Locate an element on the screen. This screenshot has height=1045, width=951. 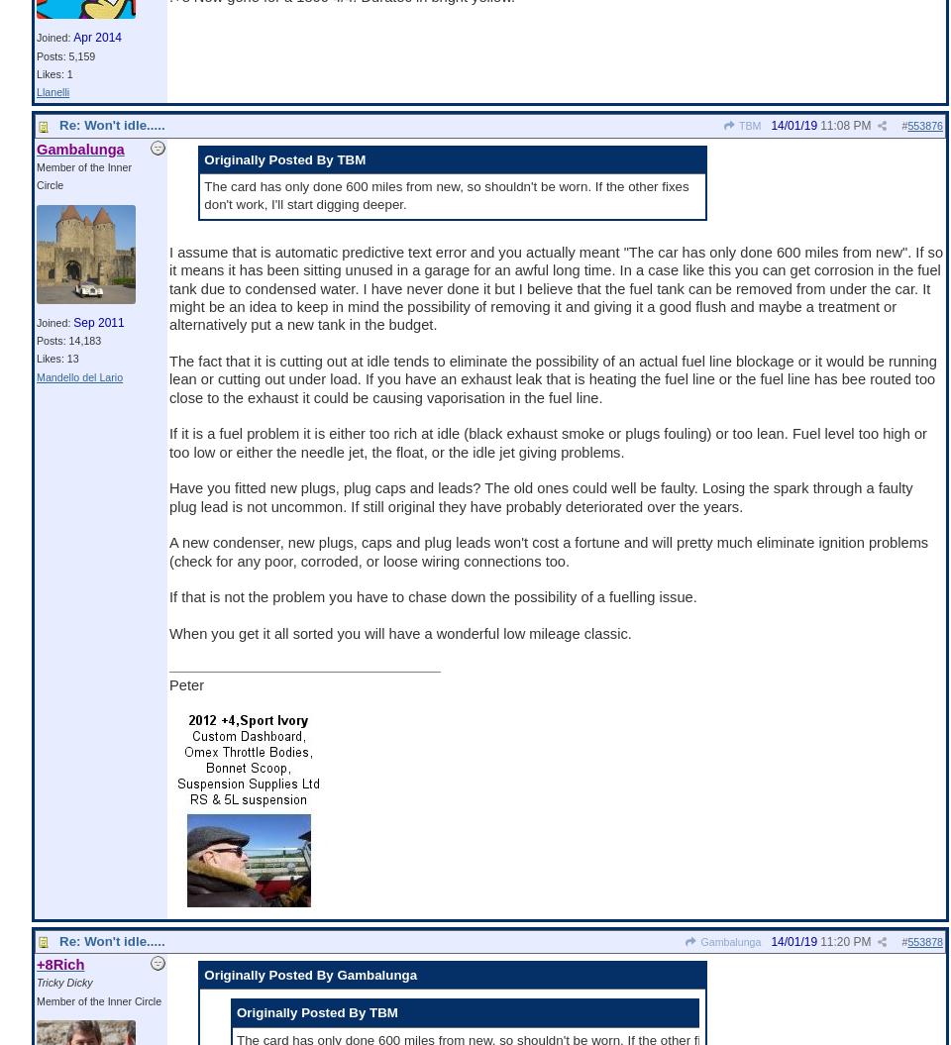
'When you get it all sorted you will have a wonderful low mileage classic.' is located at coordinates (167, 633).